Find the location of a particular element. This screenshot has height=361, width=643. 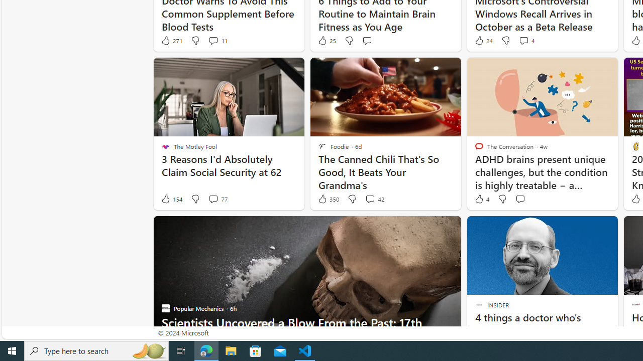

'24 Like' is located at coordinates (483, 40).